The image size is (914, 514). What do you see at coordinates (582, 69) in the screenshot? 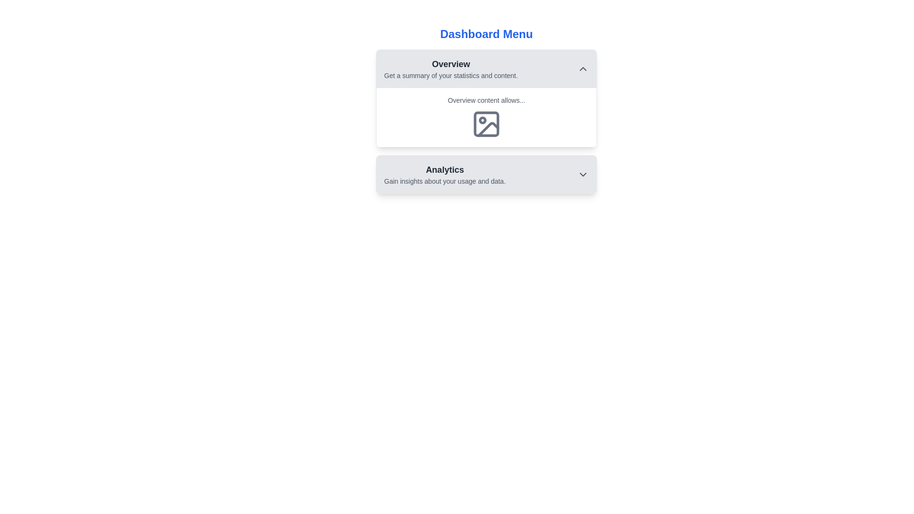
I see `the upward-pointing chevron icon in the top-right corner of the 'Overview' section` at bounding box center [582, 69].